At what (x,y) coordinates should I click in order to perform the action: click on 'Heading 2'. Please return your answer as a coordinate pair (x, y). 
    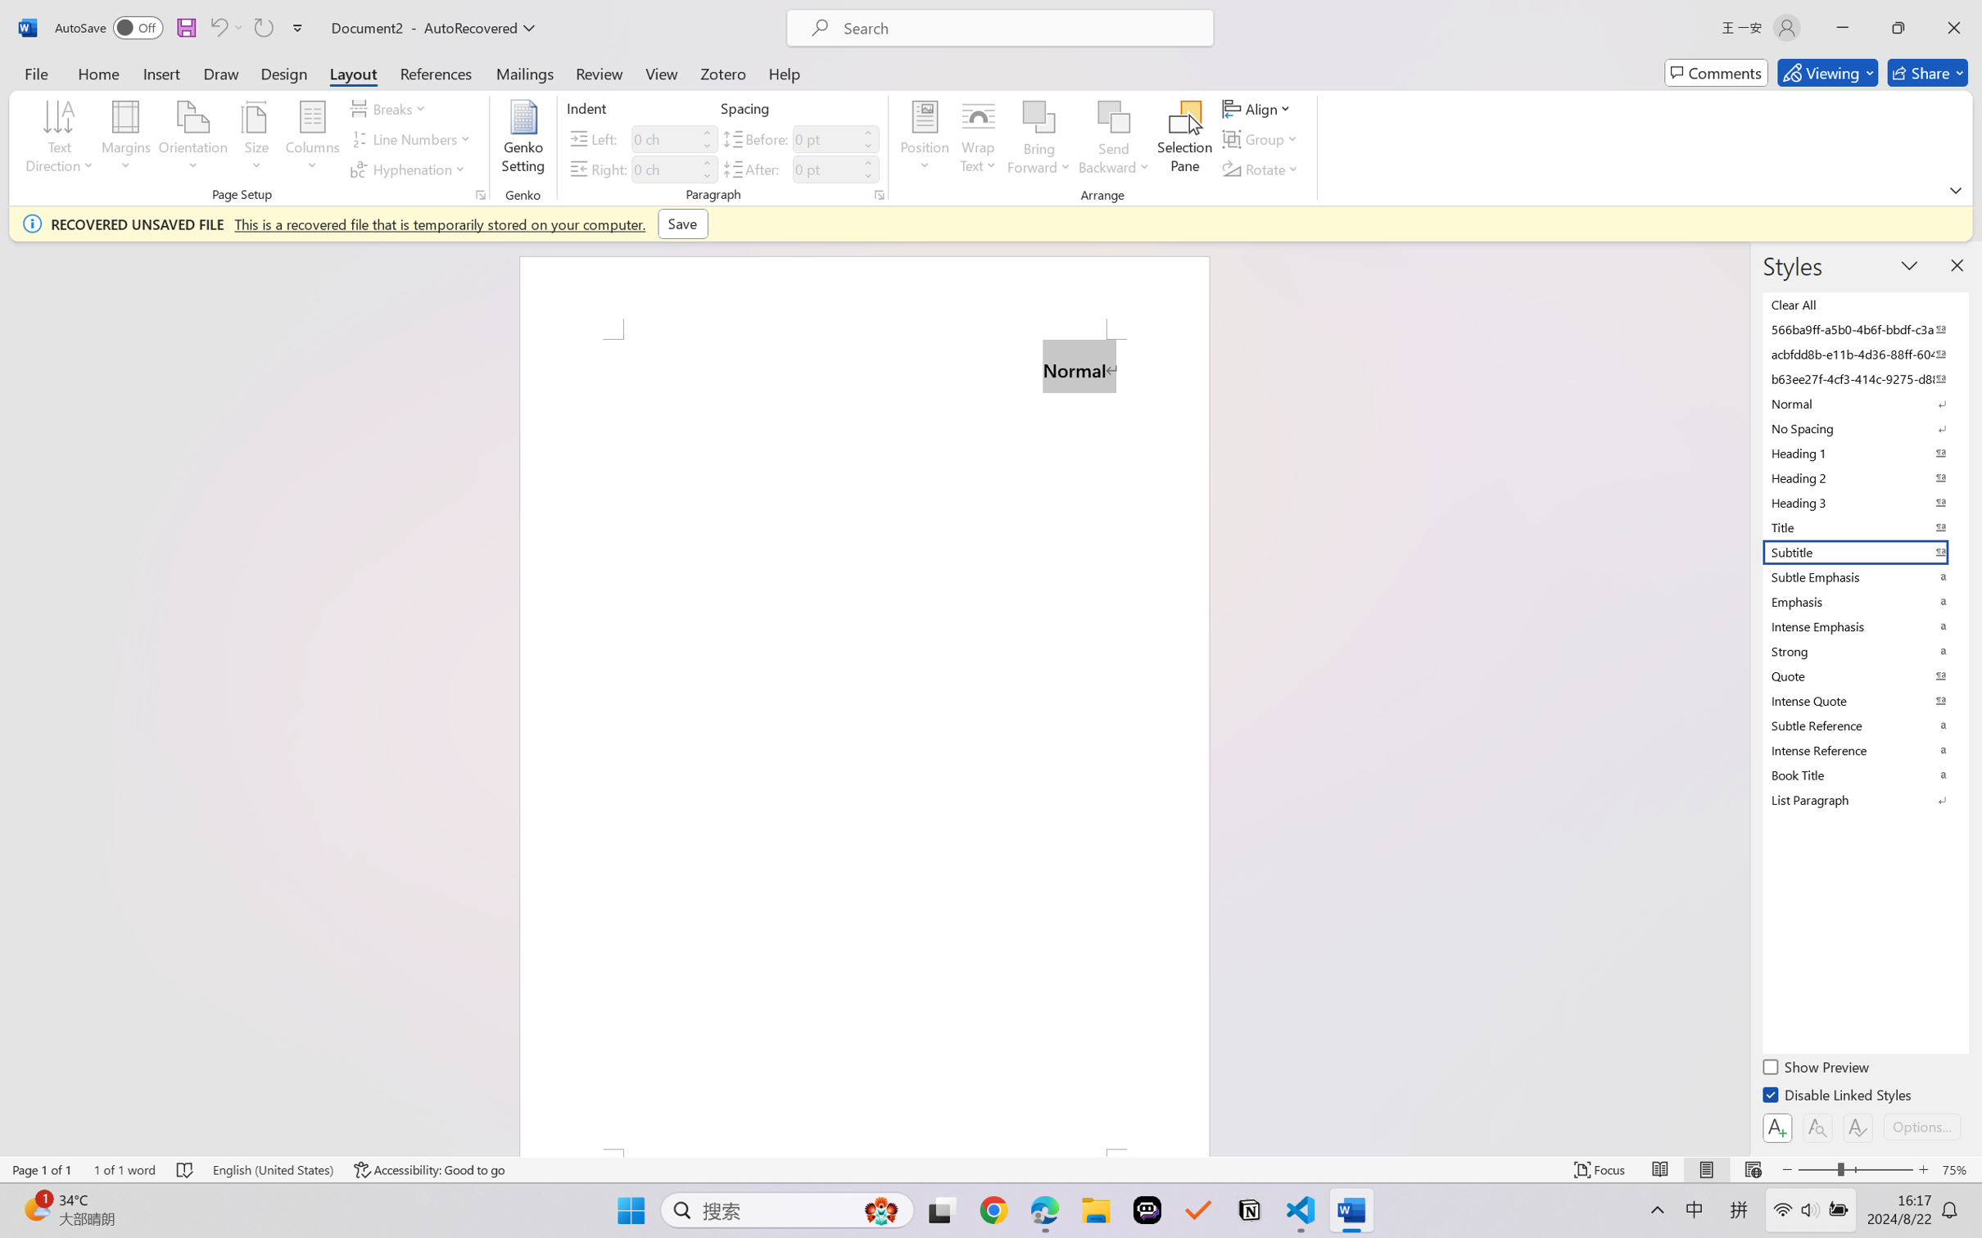
    Looking at the image, I should click on (1863, 477).